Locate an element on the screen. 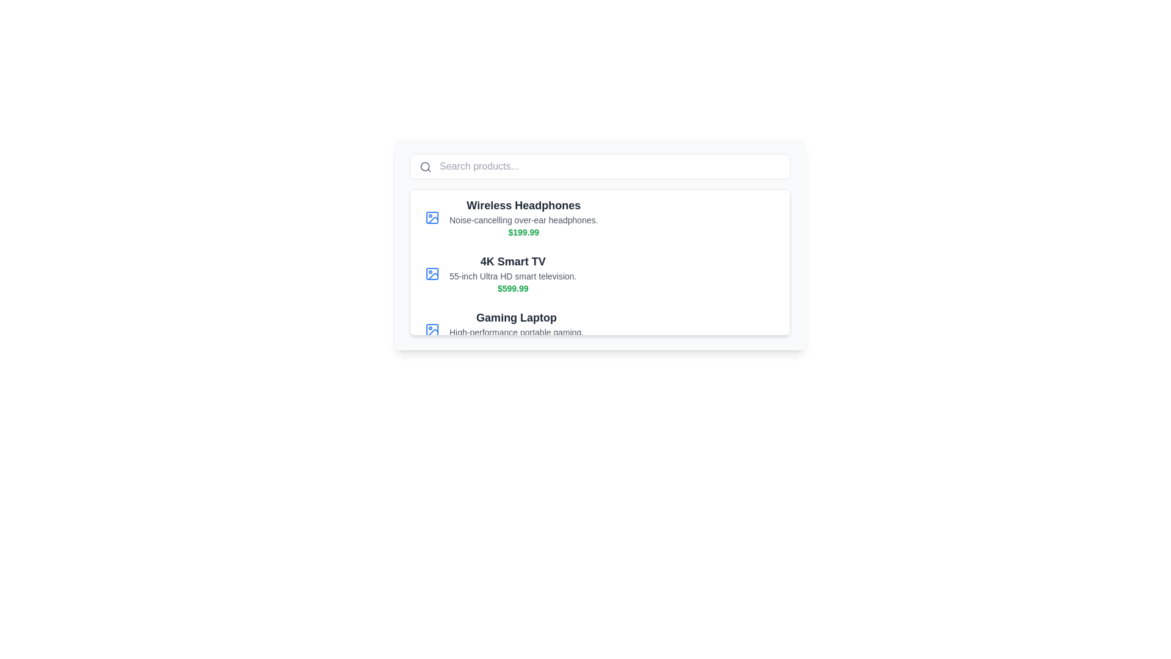  the first product listing item, which includes the name, description, and price, located slightly below the search bar is located at coordinates (523, 217).